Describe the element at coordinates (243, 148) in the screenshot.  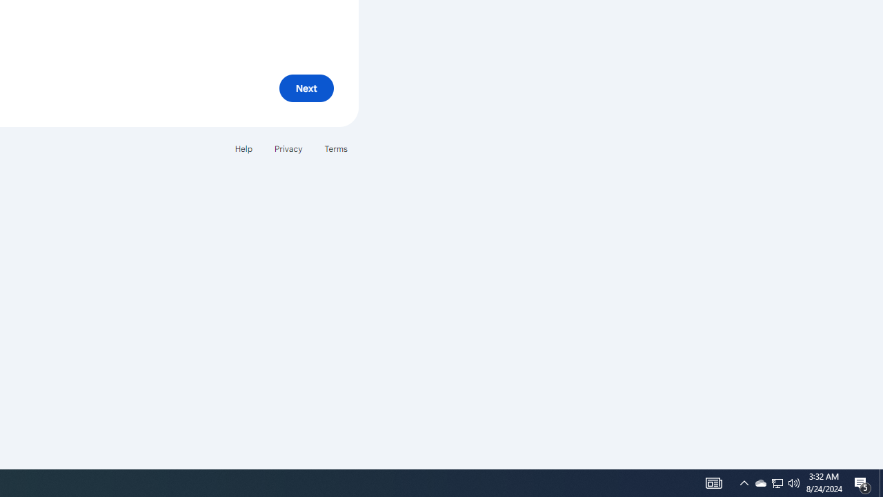
I see `'Help'` at that location.